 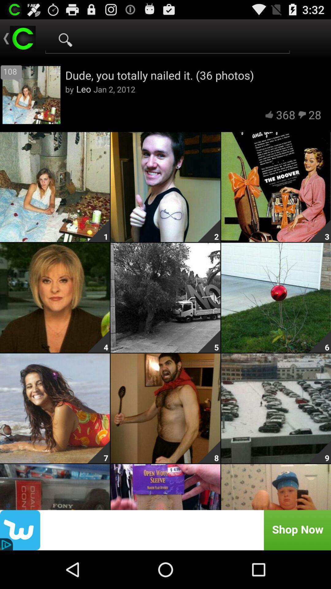 What do you see at coordinates (165, 487) in the screenshot?
I see `the bottom middle image` at bounding box center [165, 487].